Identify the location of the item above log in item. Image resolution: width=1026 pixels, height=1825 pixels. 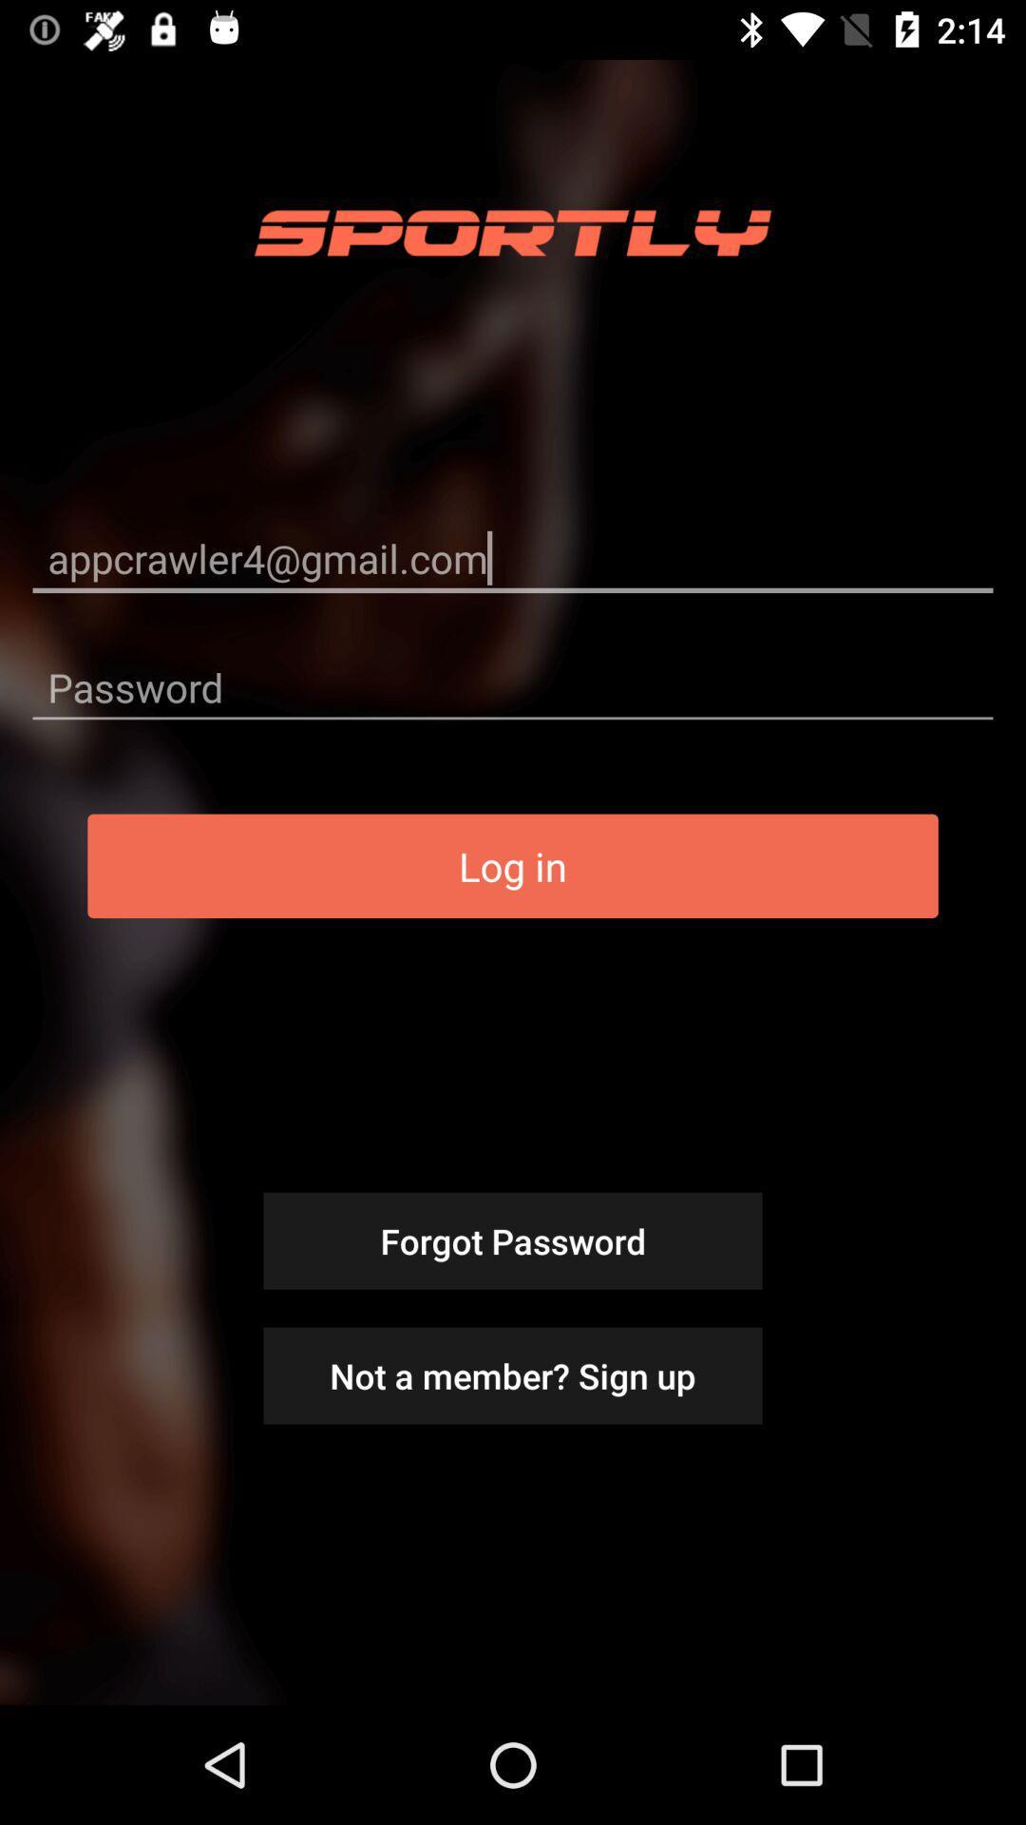
(513, 686).